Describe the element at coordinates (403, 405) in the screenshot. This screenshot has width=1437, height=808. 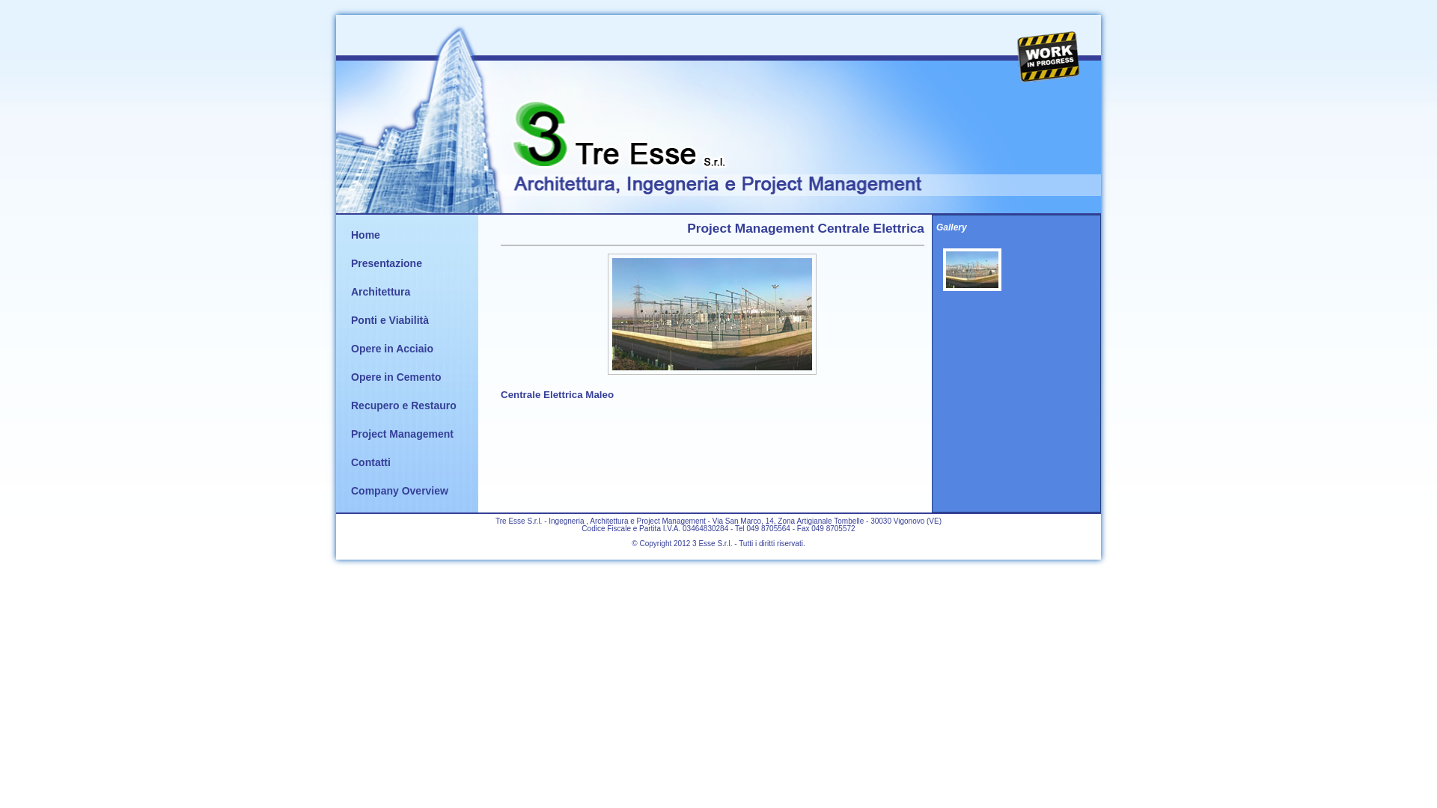
I see `'Recupero e Restauro'` at that location.